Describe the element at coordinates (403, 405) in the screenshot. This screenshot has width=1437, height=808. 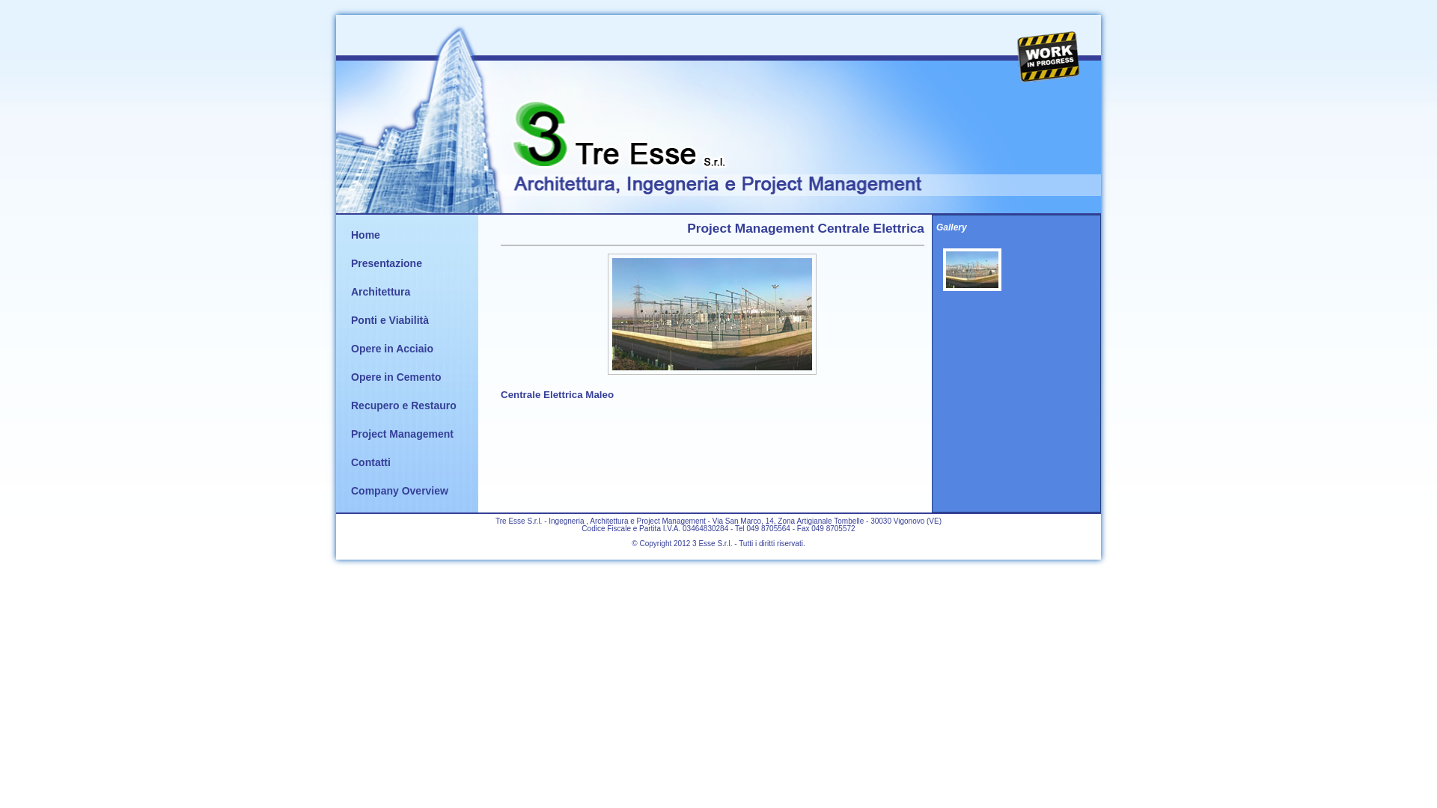
I see `'Recupero e Restauro'` at that location.